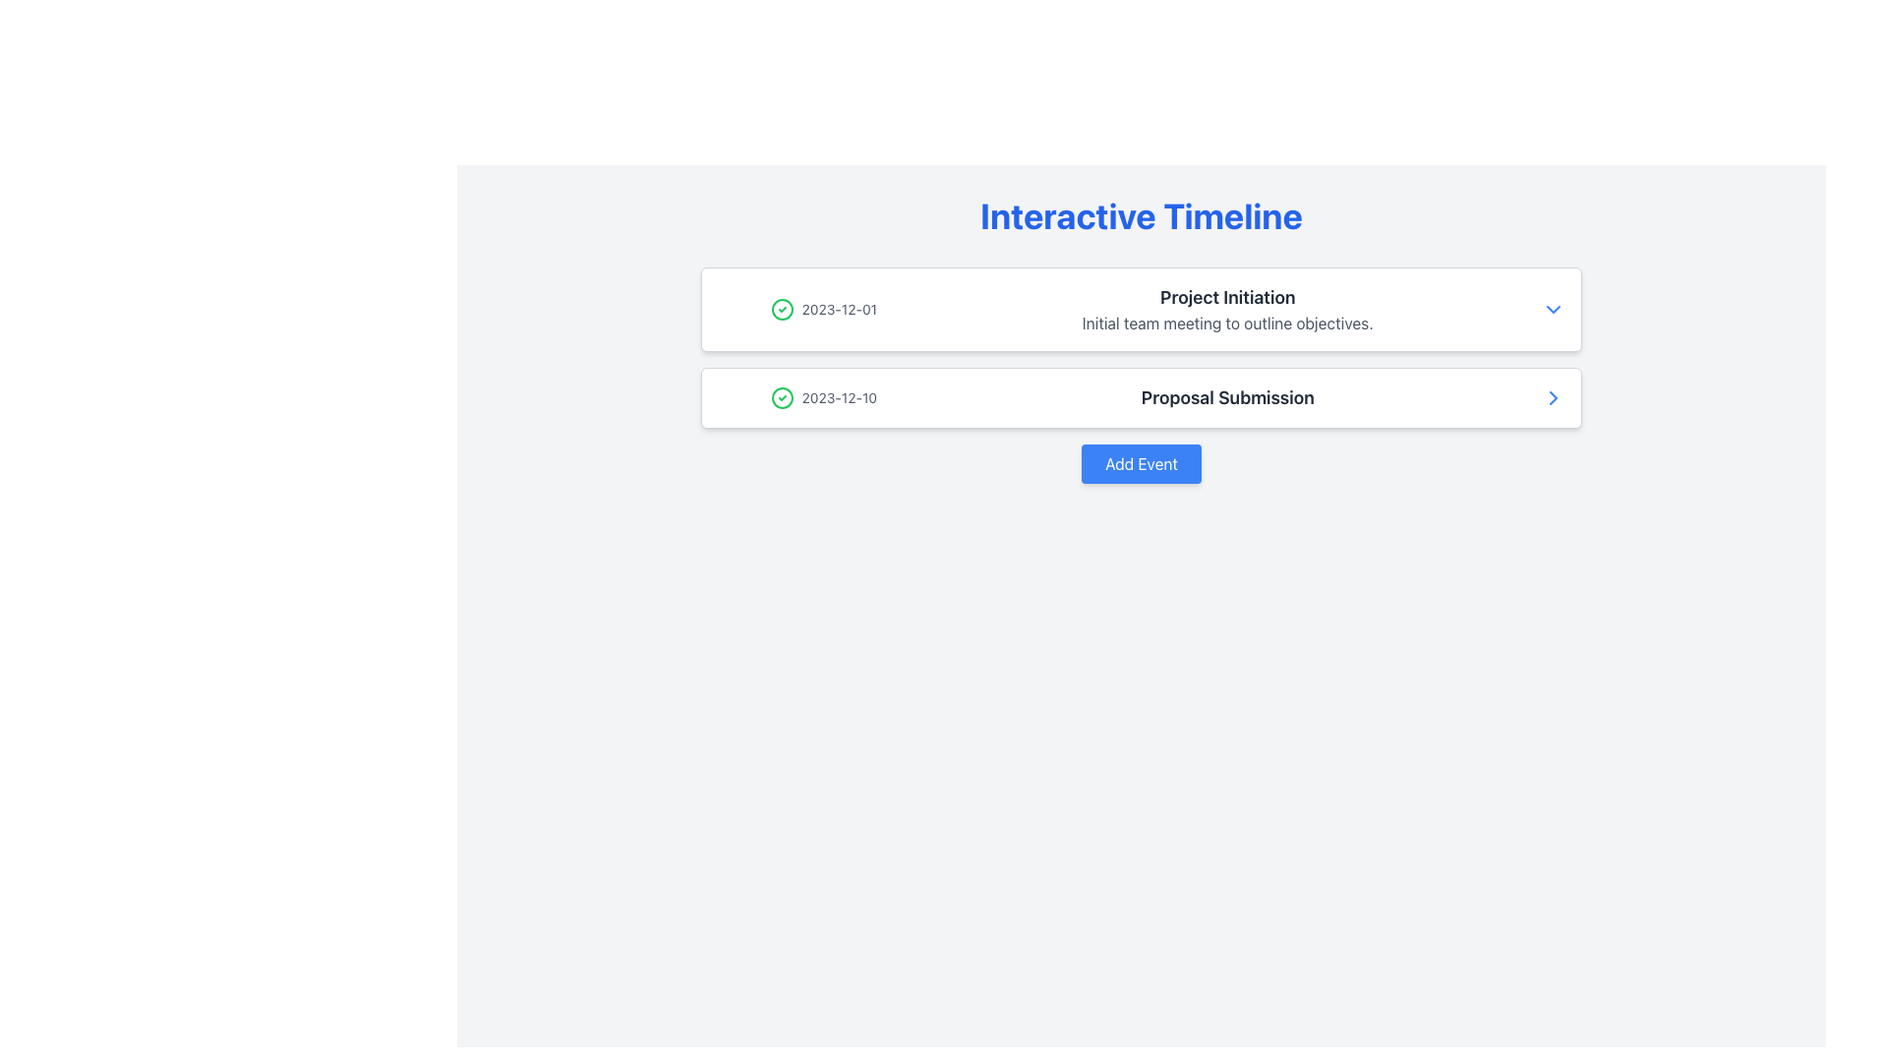 Image resolution: width=1888 pixels, height=1062 pixels. I want to click on the text display element that shows the date of a timeline event, located on the left side of the event description in the first entry of a vertically stacked list, so click(823, 310).